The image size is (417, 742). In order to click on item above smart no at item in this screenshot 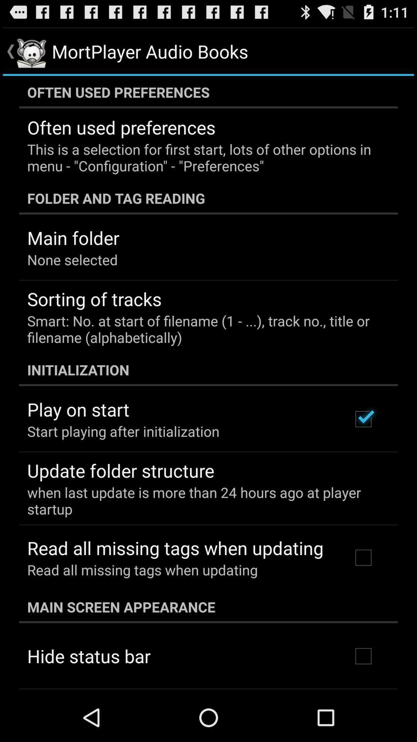, I will do `click(94, 298)`.